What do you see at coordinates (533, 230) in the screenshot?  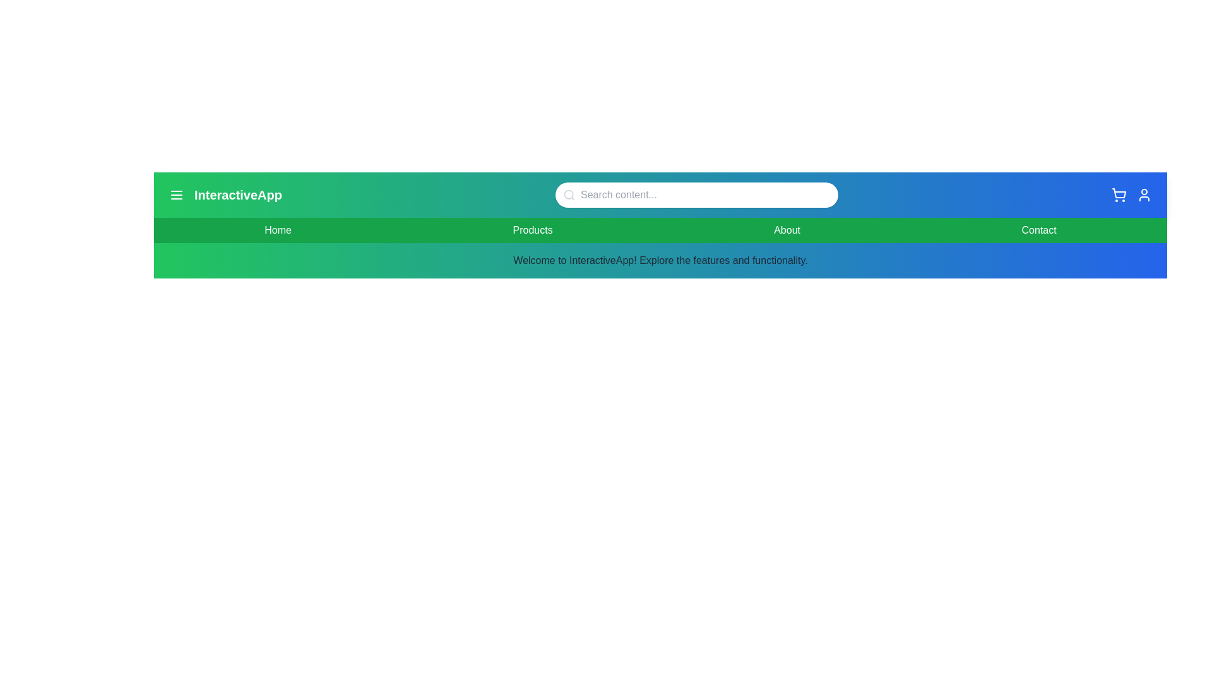 I see `the Products menu item to navigate` at bounding box center [533, 230].